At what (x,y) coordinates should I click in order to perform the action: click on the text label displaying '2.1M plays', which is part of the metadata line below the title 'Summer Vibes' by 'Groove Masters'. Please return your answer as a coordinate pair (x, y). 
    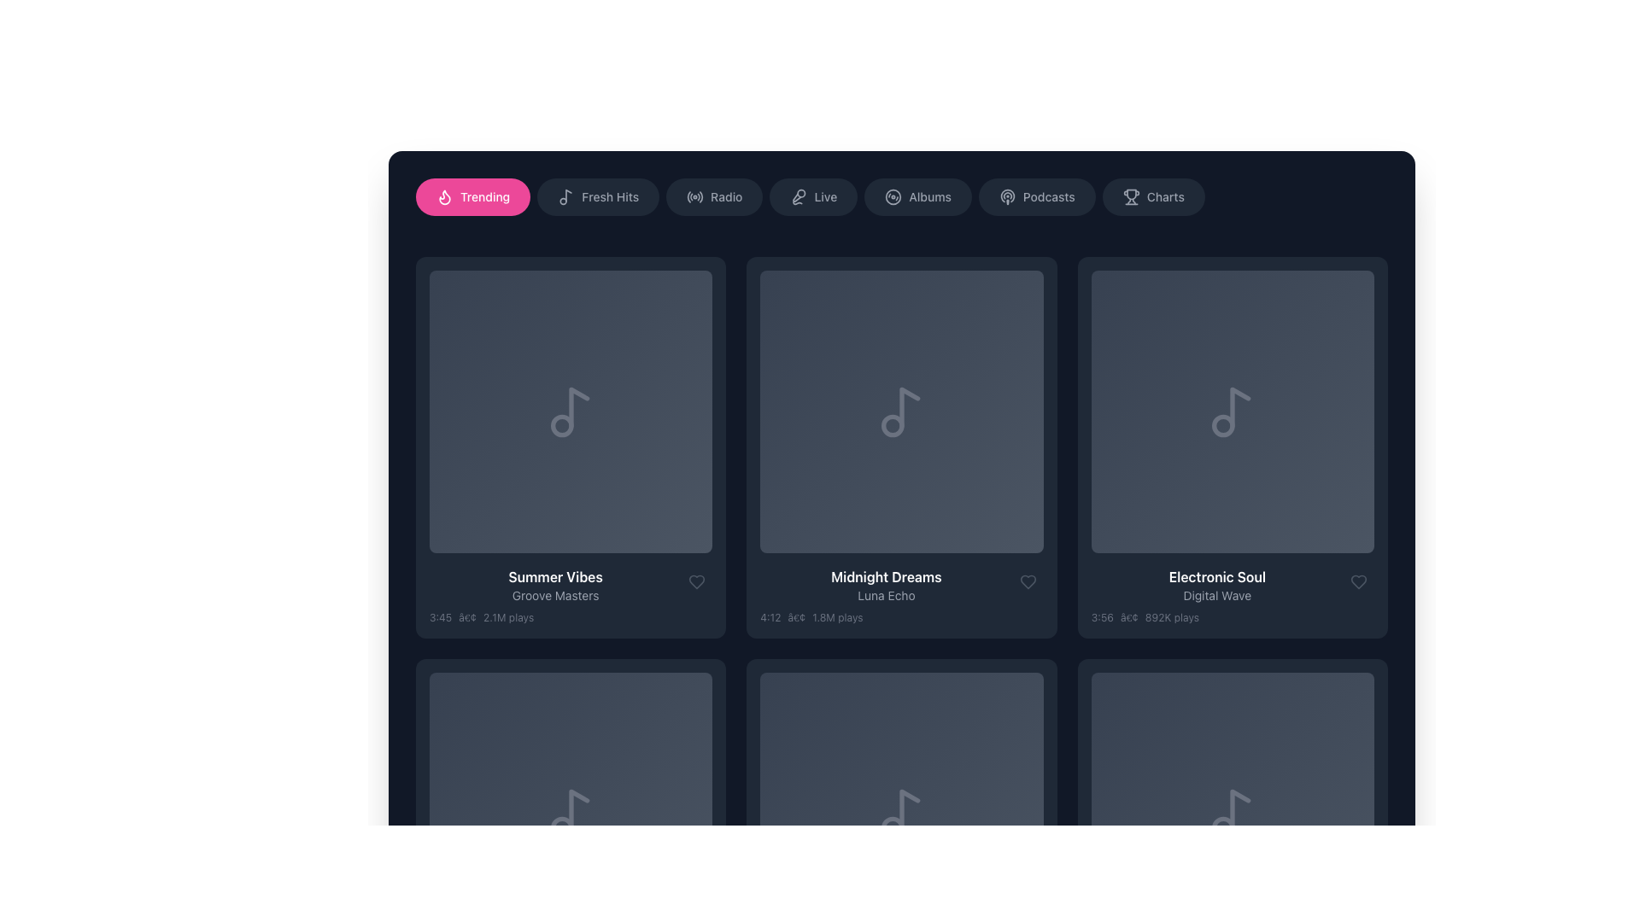
    Looking at the image, I should click on (507, 618).